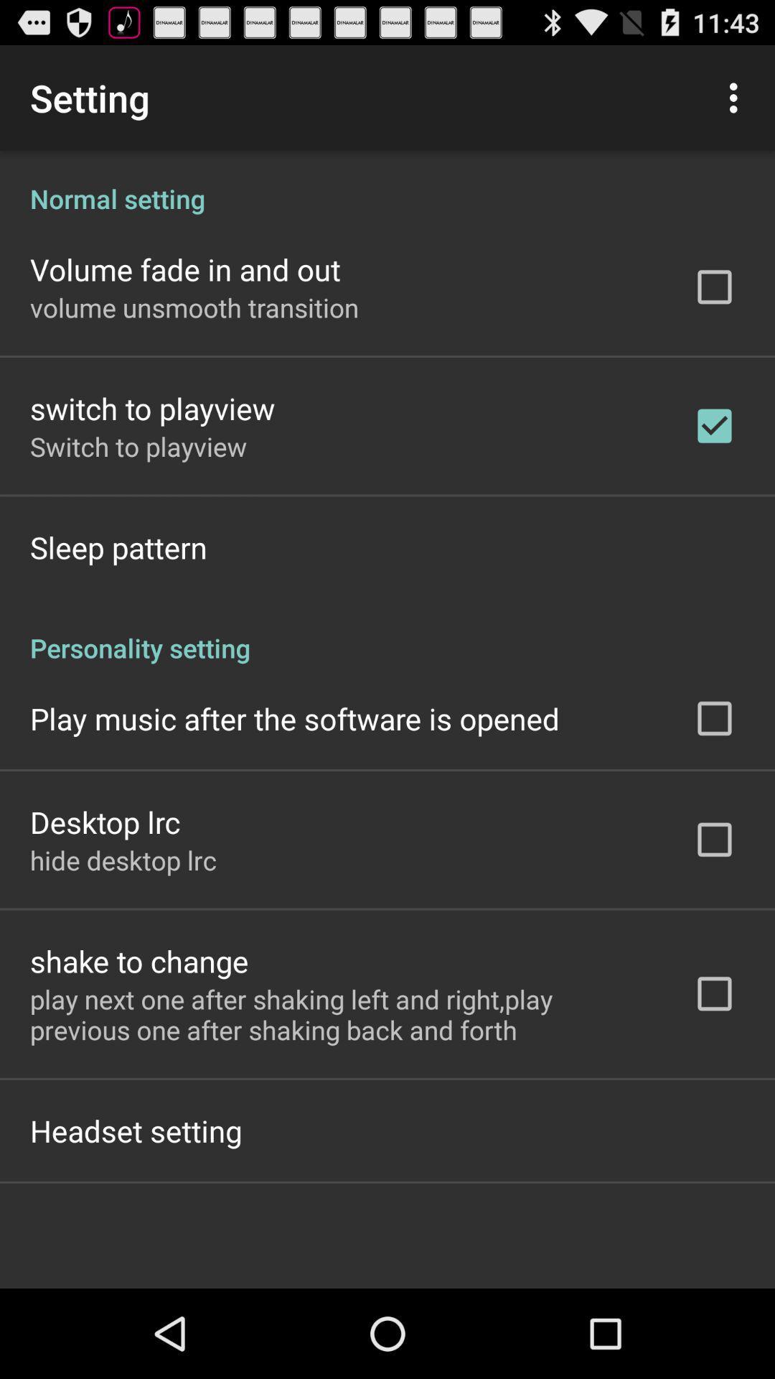 Image resolution: width=775 pixels, height=1379 pixels. Describe the element at coordinates (139, 961) in the screenshot. I see `the item below the hide desktop lrc icon` at that location.